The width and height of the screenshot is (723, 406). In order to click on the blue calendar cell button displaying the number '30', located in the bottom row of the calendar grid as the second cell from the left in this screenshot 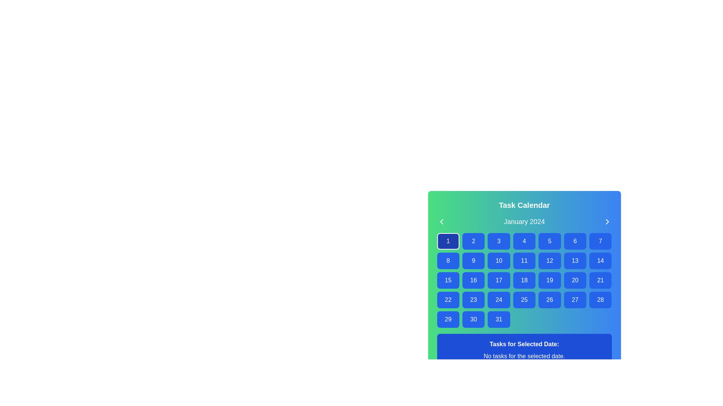, I will do `click(473, 319)`.